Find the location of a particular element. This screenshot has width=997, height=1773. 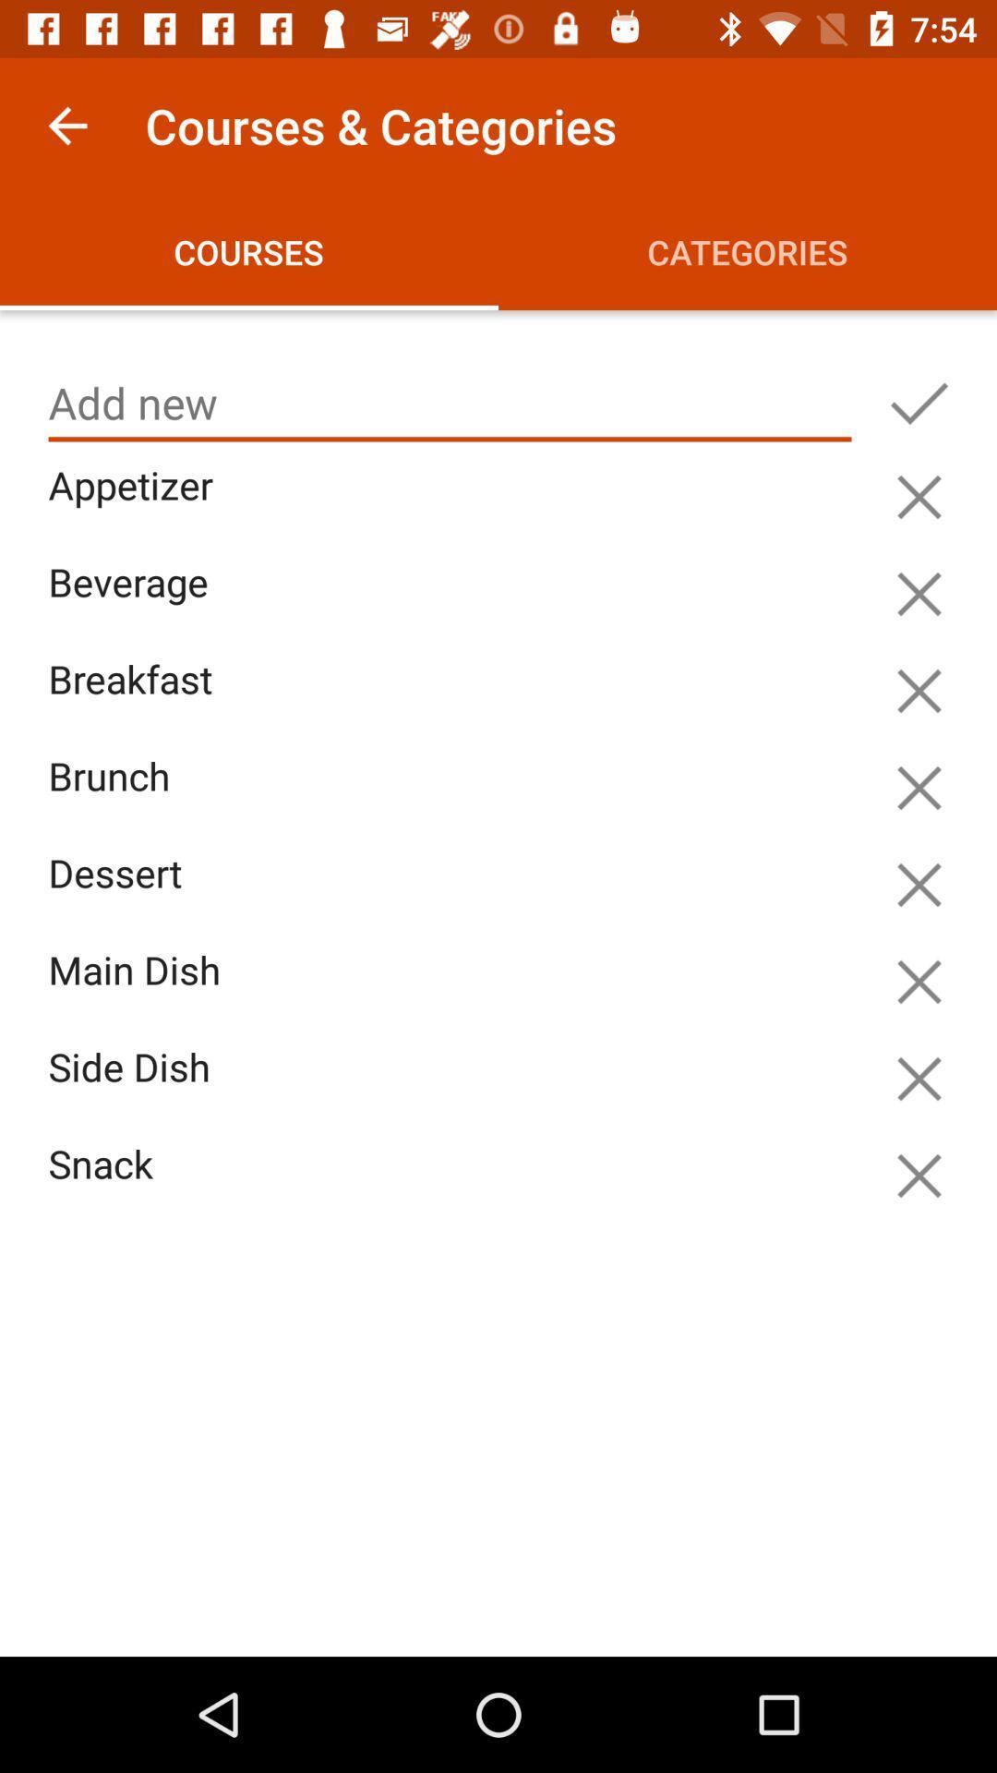

a new category is located at coordinates (919, 403).